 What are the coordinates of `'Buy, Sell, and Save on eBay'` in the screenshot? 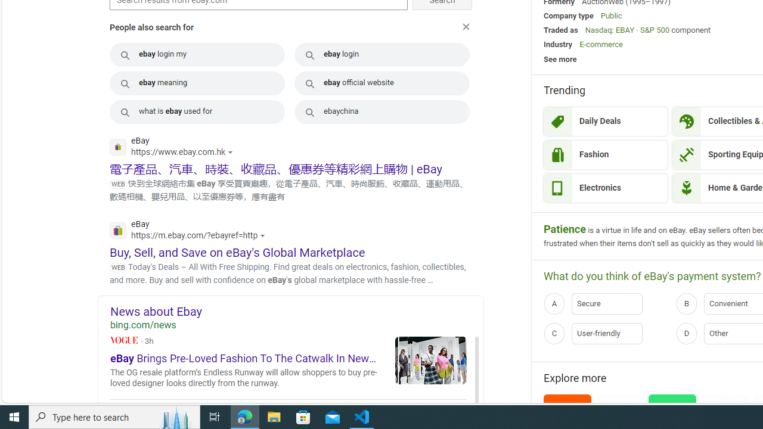 It's located at (237, 251).